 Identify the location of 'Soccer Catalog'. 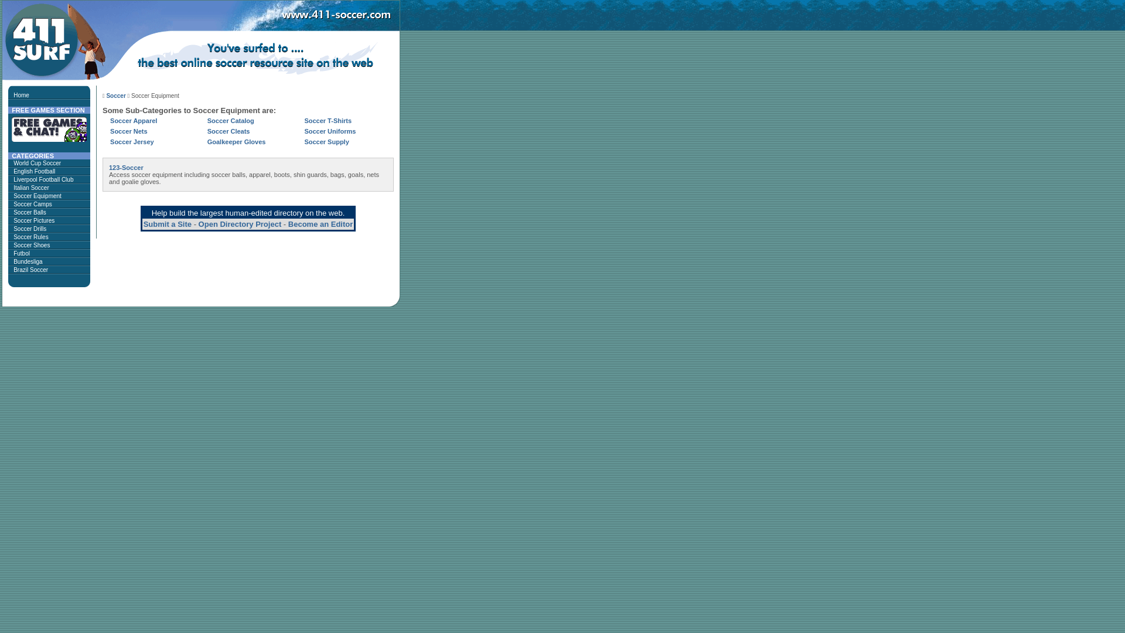
(230, 120).